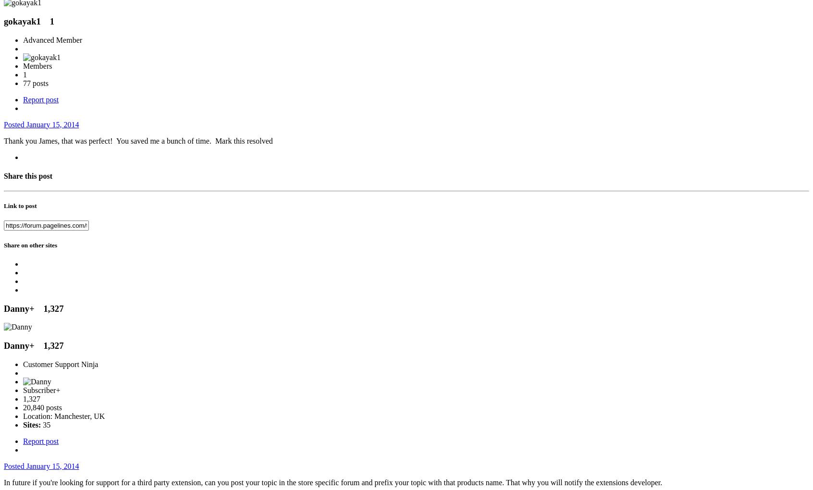 The image size is (813, 490). Describe the element at coordinates (38, 415) in the screenshot. I see `'Location:'` at that location.